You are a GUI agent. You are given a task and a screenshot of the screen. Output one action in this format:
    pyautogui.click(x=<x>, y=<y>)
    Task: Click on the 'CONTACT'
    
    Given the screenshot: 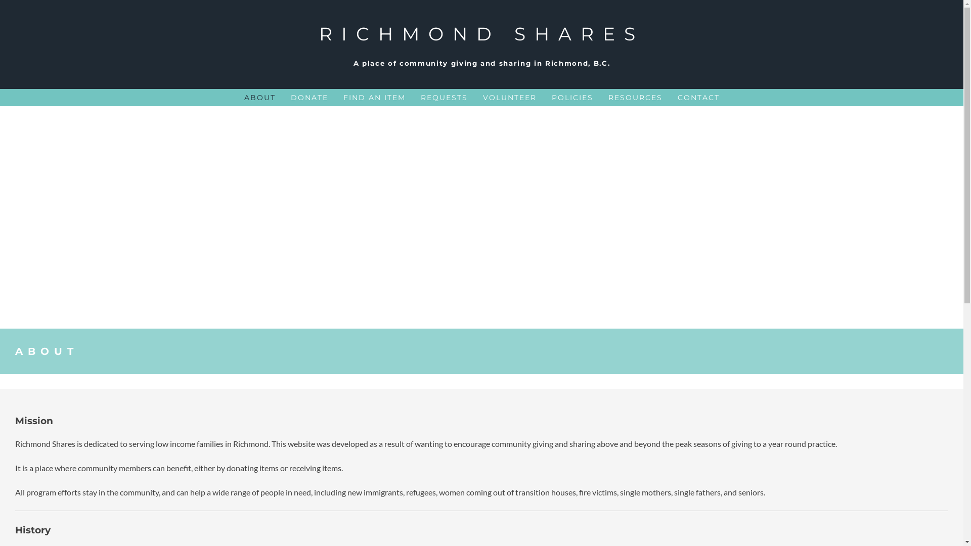 What is the action you would take?
    pyautogui.click(x=698, y=97)
    